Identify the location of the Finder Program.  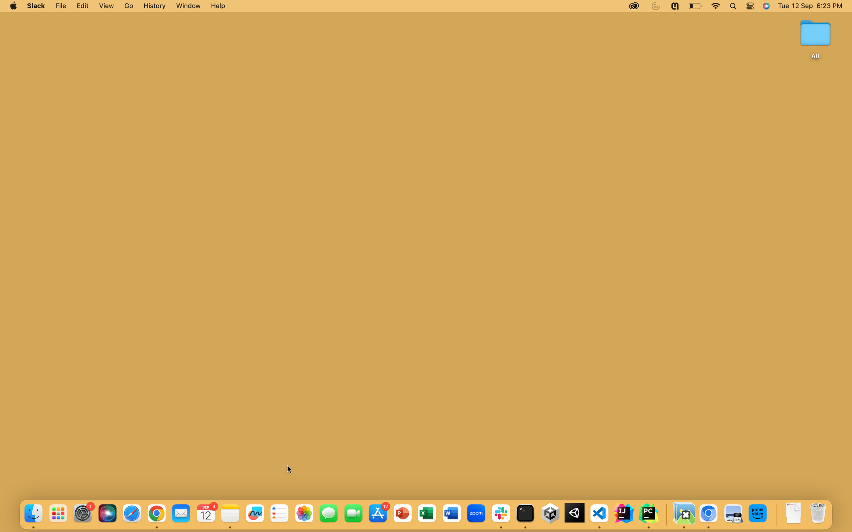
(33, 514).